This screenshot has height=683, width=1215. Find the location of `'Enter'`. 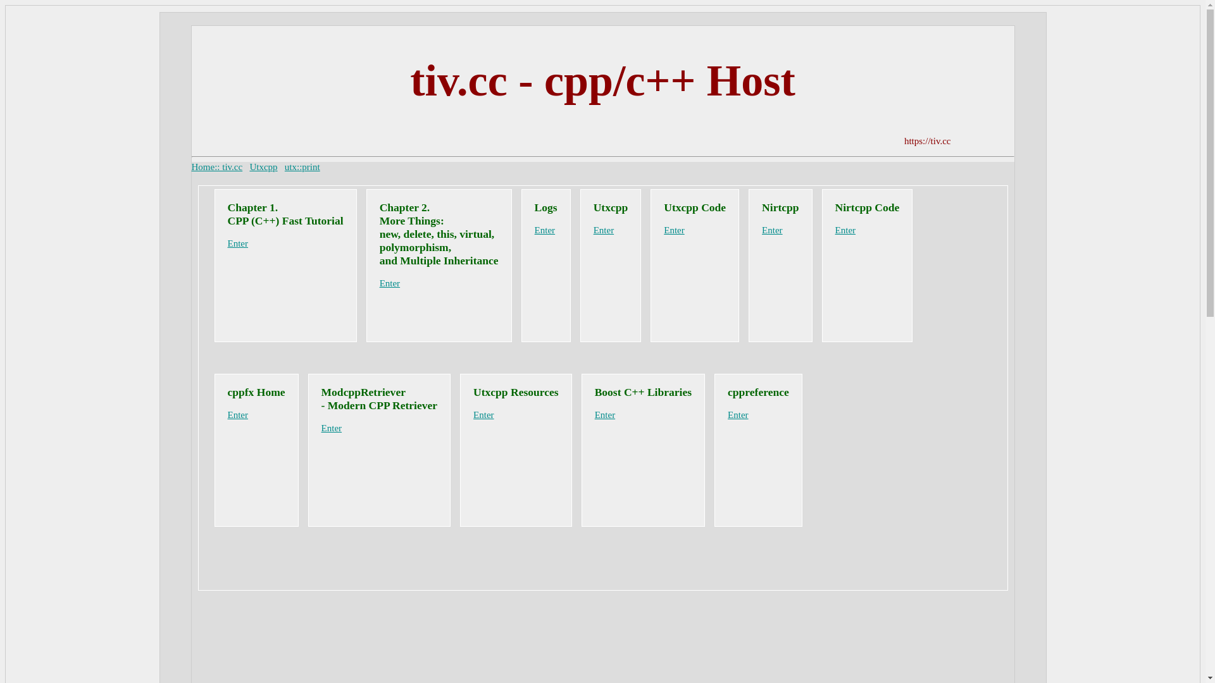

'Enter' is located at coordinates (534, 230).